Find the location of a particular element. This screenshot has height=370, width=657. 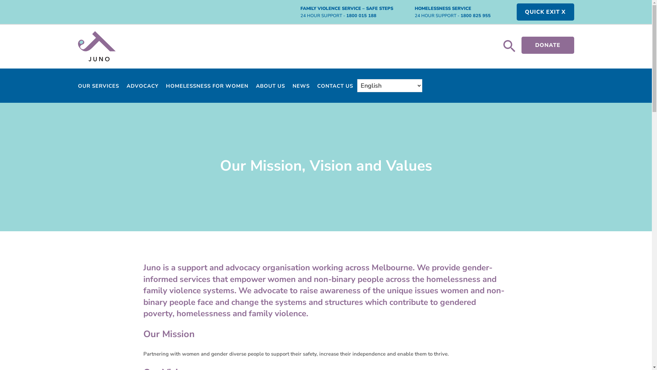

'CONTACT US' is located at coordinates (335, 86).